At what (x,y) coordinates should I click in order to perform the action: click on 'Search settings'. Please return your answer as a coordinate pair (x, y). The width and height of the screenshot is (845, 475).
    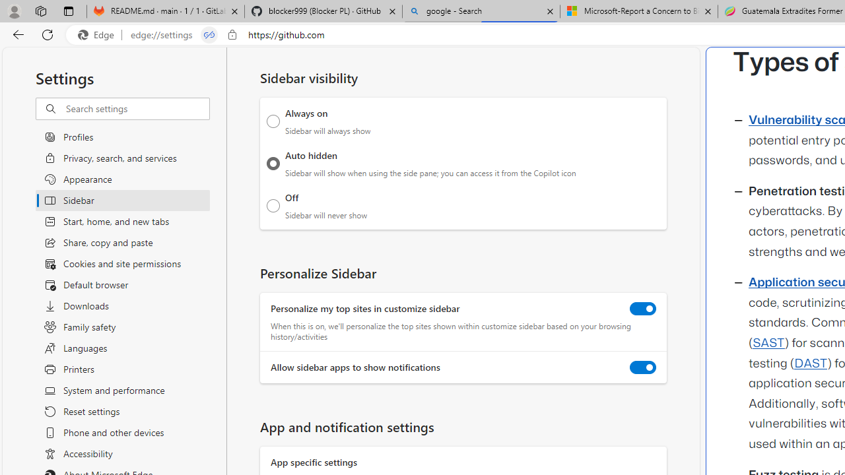
    Looking at the image, I should click on (137, 108).